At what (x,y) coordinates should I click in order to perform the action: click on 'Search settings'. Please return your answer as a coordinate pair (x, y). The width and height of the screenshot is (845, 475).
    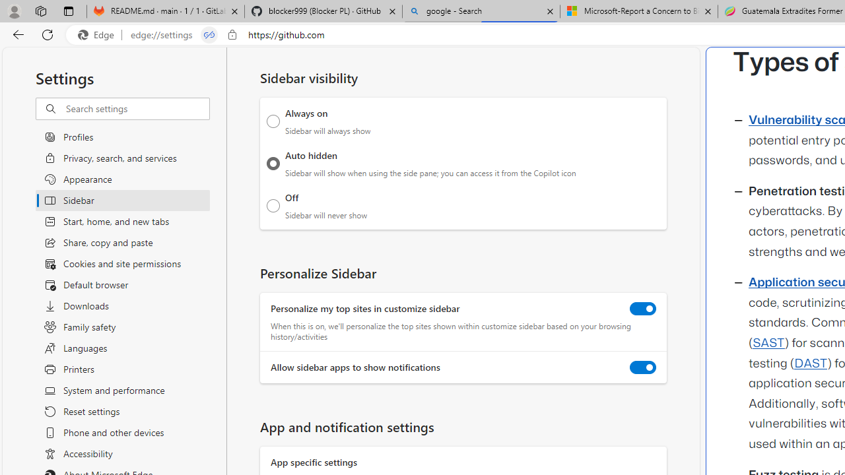
    Looking at the image, I should click on (137, 108).